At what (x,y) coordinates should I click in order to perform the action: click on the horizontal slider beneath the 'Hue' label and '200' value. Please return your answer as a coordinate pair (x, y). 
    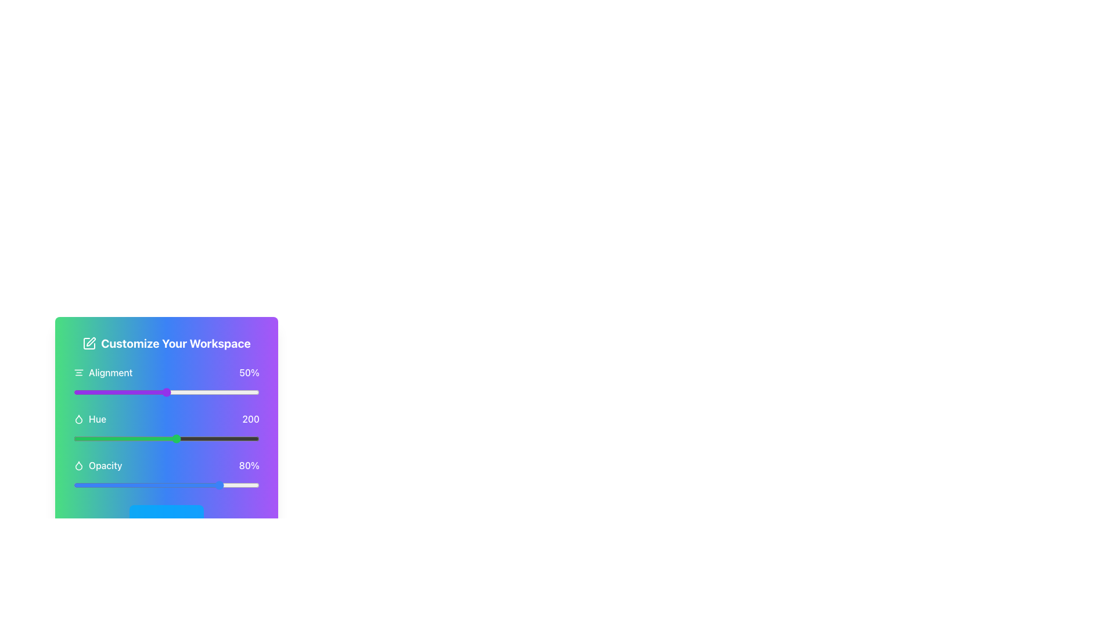
    Looking at the image, I should click on (166, 439).